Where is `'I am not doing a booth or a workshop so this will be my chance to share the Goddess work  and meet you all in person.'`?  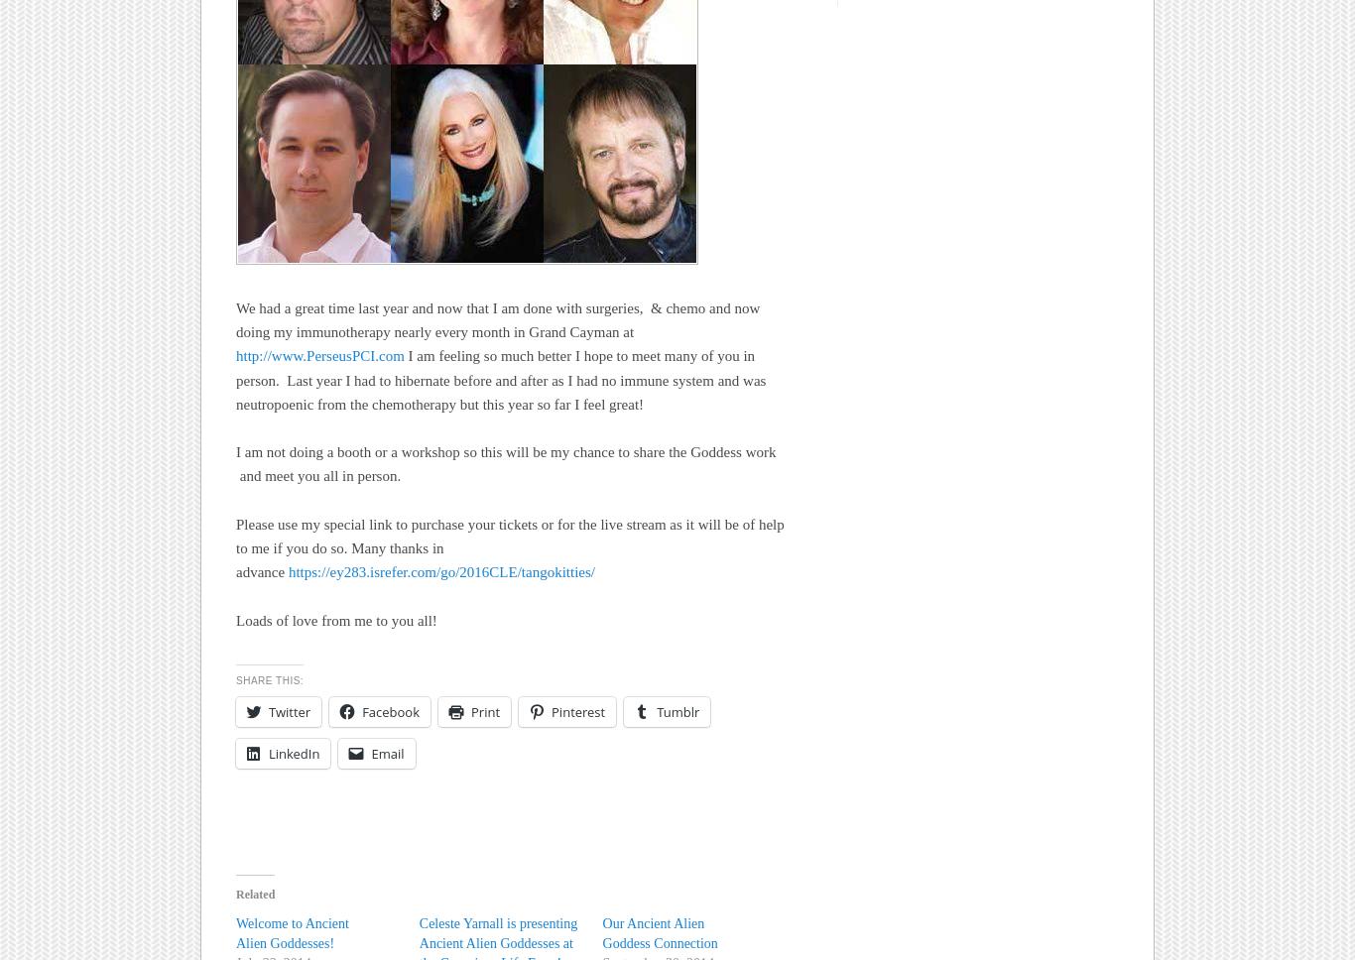 'I am not doing a booth or a workshop so this will be my chance to share the Goddess work  and meet you all in person.' is located at coordinates (506, 463).